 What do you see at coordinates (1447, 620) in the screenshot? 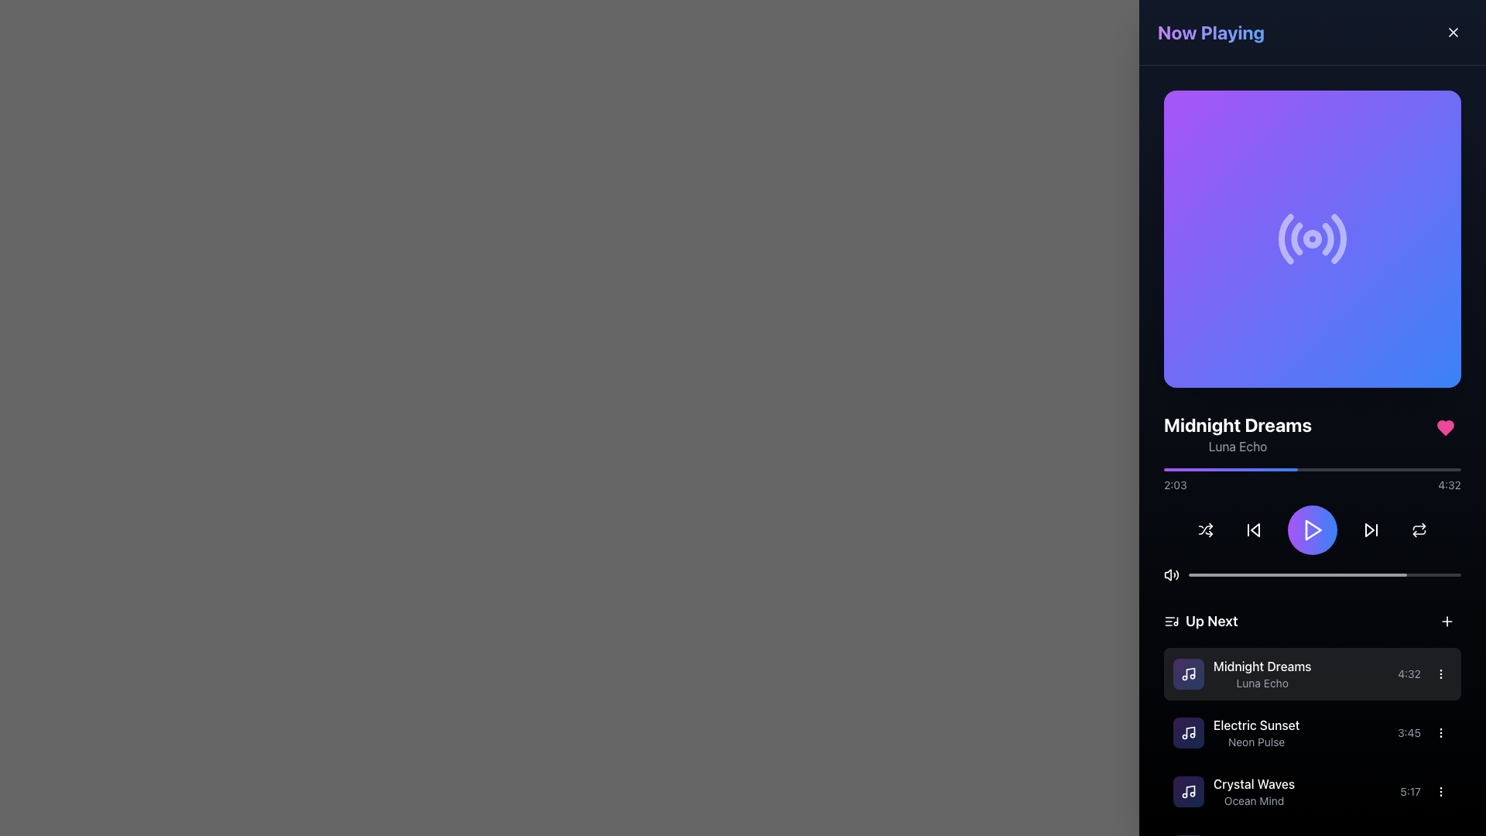
I see `the circular button with a plus symbol` at bounding box center [1447, 620].